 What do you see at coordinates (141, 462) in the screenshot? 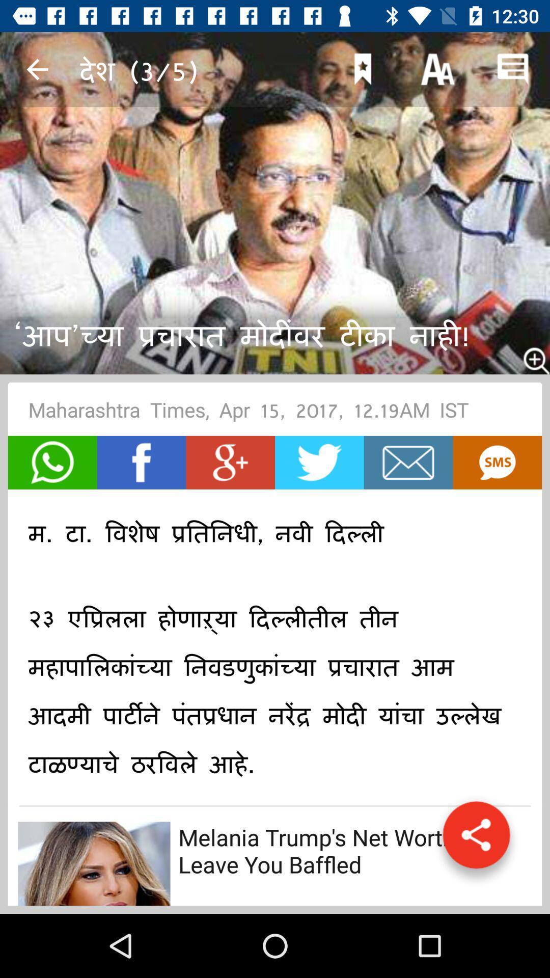
I see `item below maharashtra times apr icon` at bounding box center [141, 462].